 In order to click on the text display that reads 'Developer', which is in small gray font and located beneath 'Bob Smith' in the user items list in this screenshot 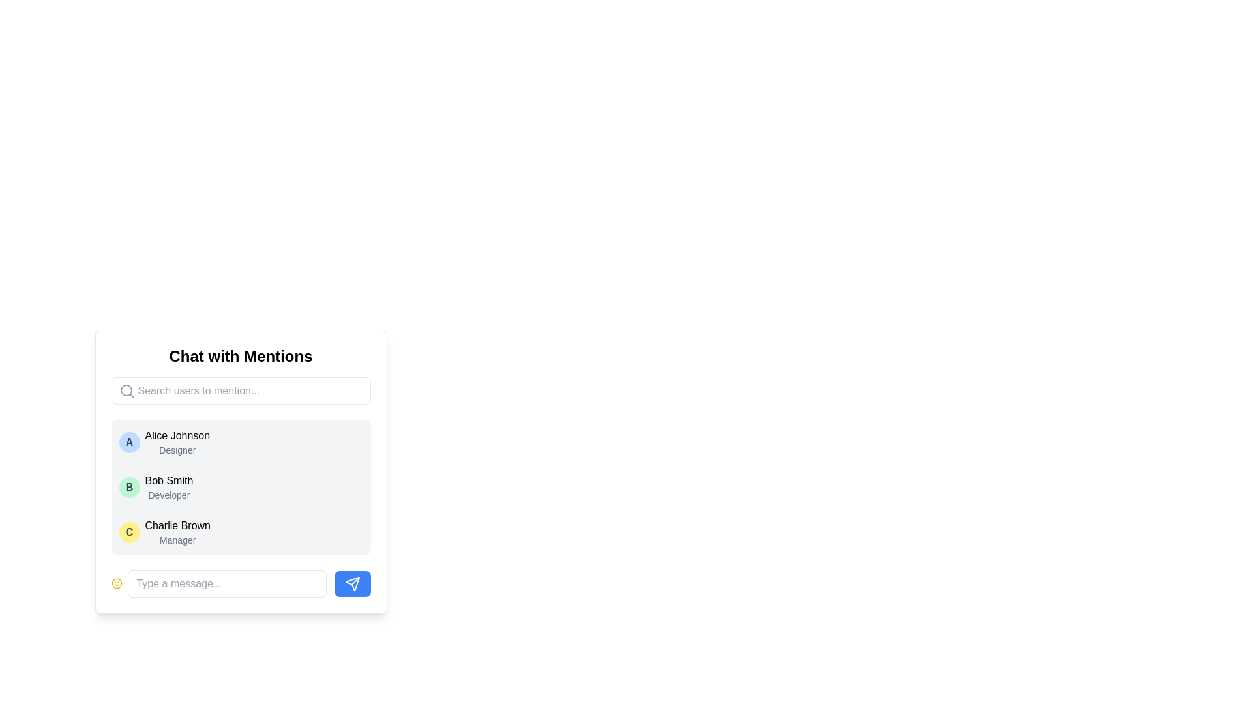, I will do `click(168, 495)`.